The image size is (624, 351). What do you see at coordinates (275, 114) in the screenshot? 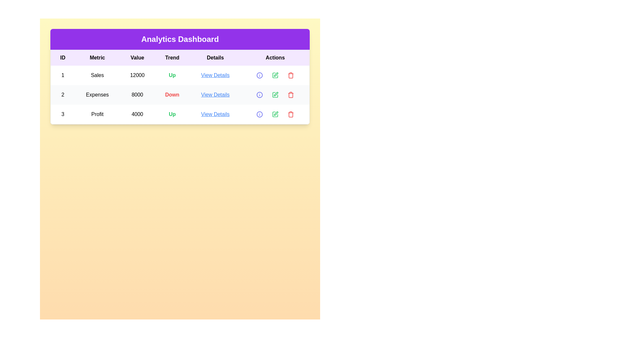
I see `the edit button located in the 'Actions' column of the third row in the table, which is aligned with the 'Profit' row under the 'Metric' column` at bounding box center [275, 114].